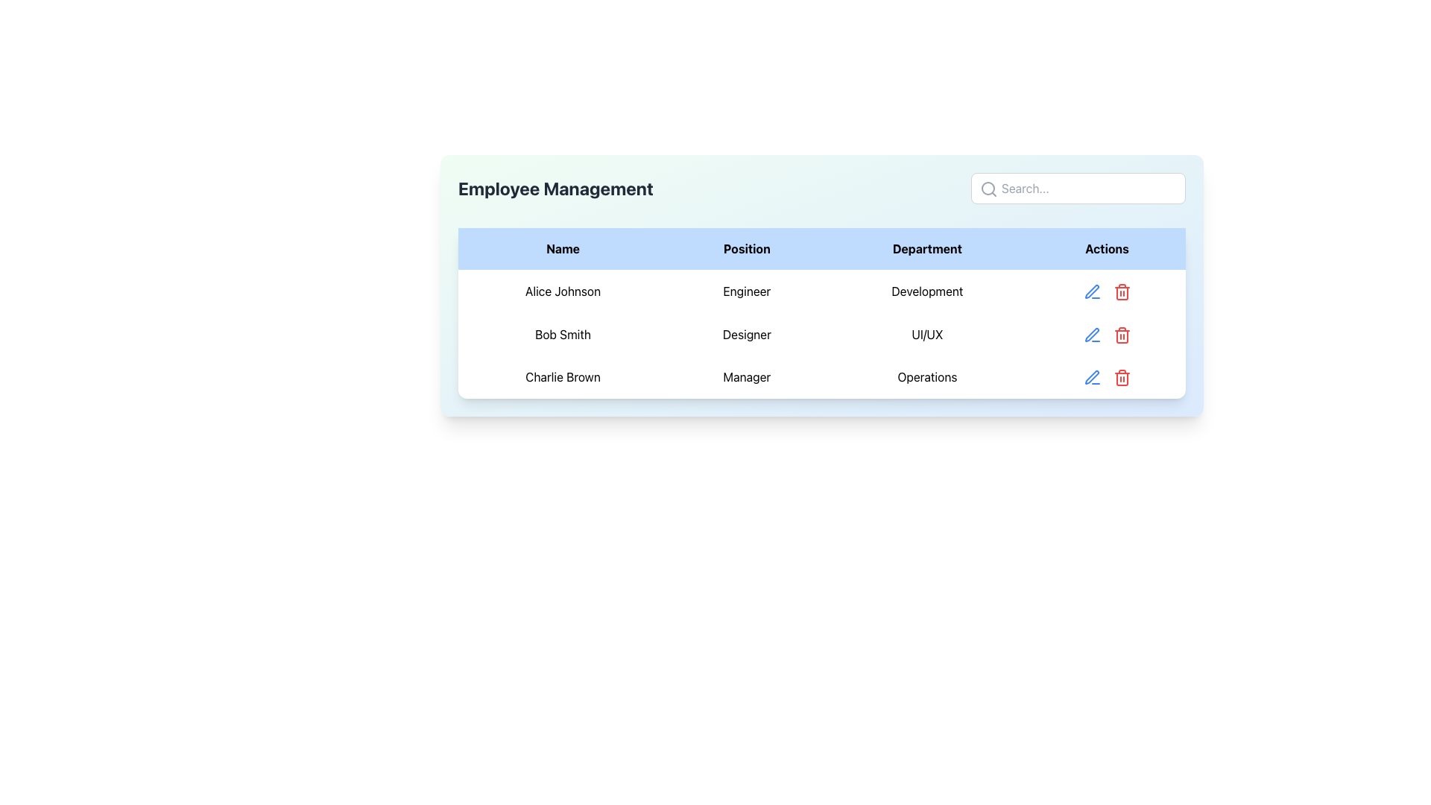 The height and width of the screenshot is (805, 1431). I want to click on the 'Name' text label, which is the first label in a row of labels at the top-left of a table, displayed in bold black font on a light blue background, so click(562, 248).